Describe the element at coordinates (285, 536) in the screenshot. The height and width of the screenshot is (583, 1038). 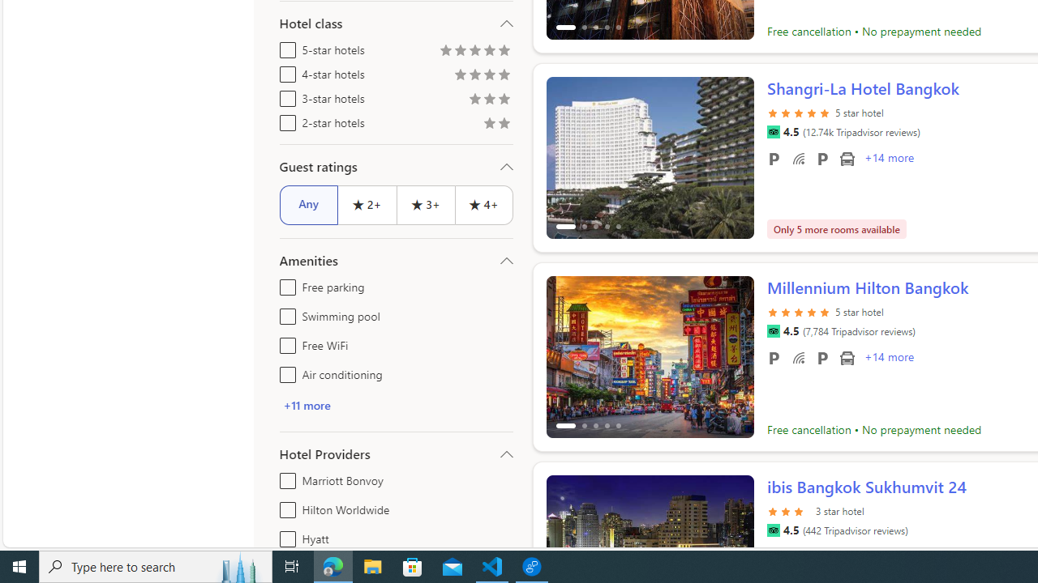
I see `'Hyatt'` at that location.